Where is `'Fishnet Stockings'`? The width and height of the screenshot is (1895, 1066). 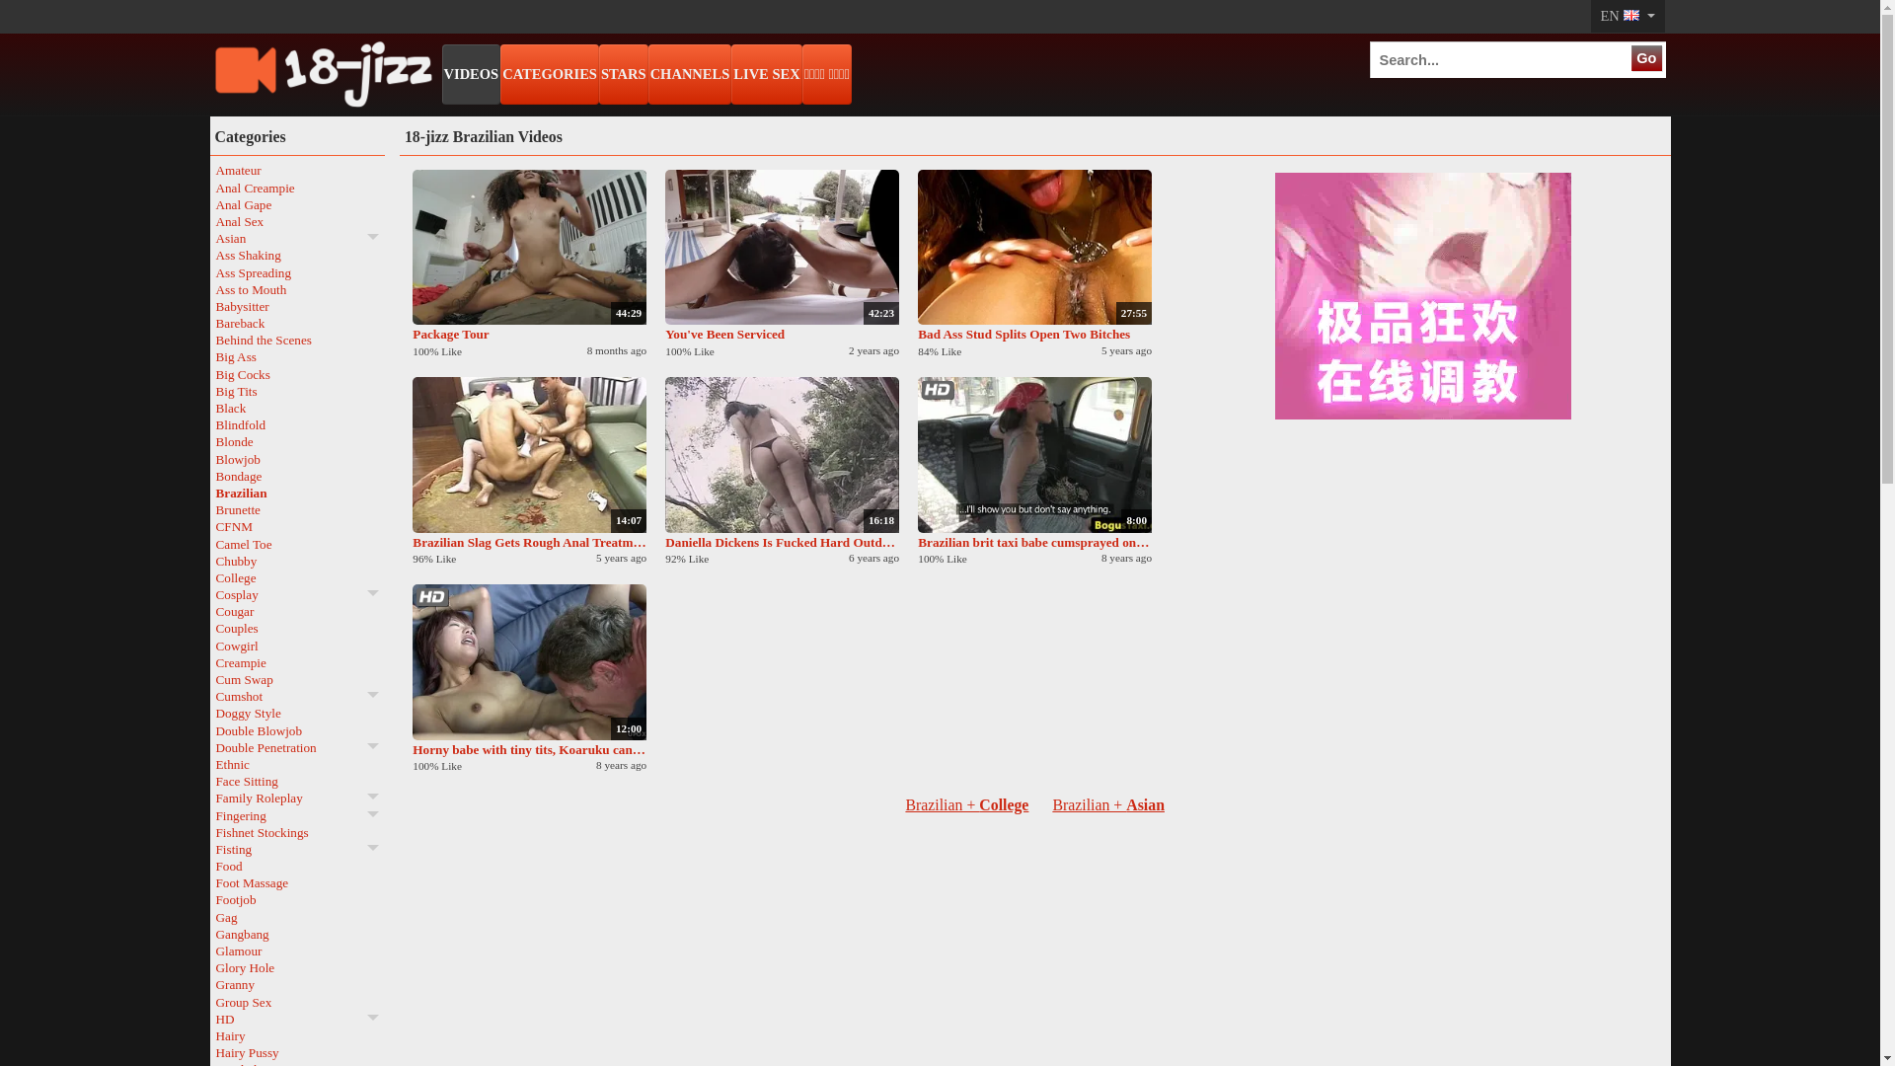 'Fishnet Stockings' is located at coordinates (296, 832).